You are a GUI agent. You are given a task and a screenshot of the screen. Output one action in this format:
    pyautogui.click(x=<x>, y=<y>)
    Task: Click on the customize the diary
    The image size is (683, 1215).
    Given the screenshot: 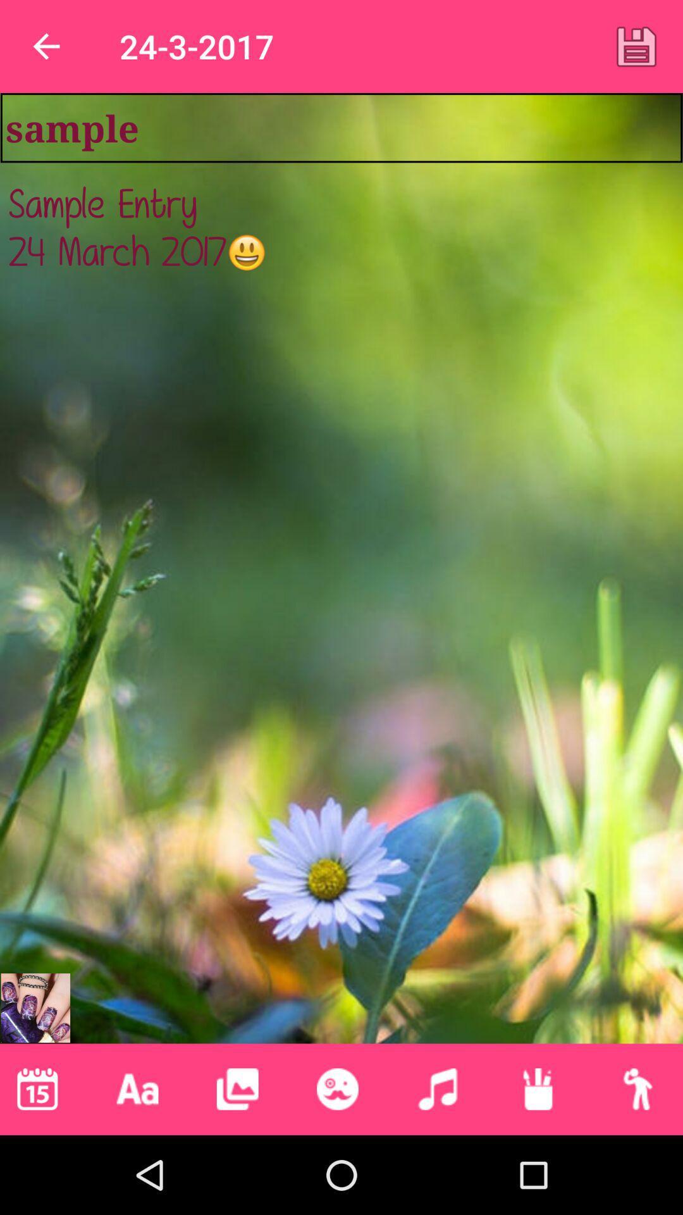 What is the action you would take?
    pyautogui.click(x=538, y=1088)
    